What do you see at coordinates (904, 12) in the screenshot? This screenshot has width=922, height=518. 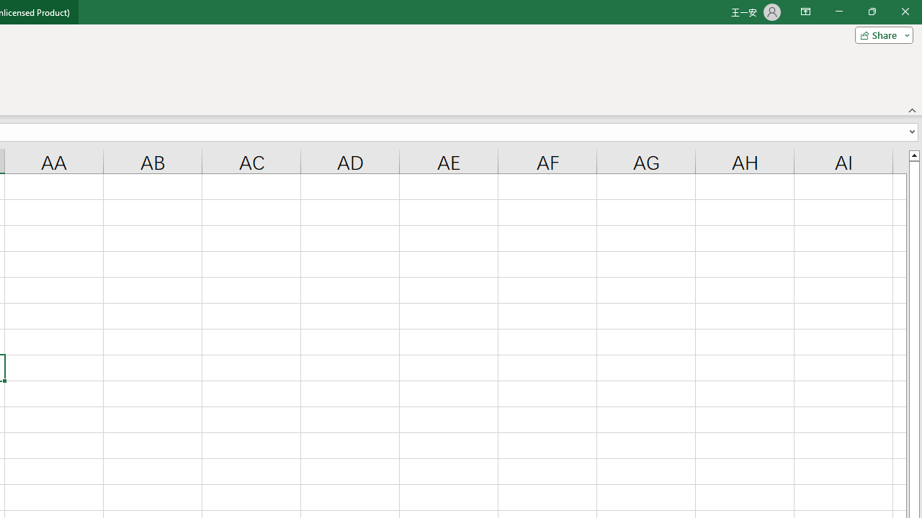 I see `'Close'` at bounding box center [904, 12].